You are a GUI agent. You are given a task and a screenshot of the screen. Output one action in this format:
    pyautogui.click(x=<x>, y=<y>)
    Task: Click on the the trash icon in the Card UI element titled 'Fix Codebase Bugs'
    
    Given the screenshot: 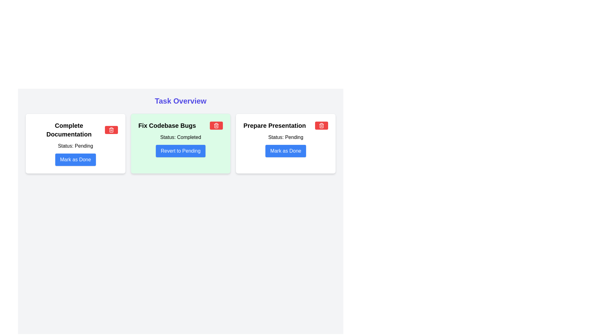 What is the action you would take?
    pyautogui.click(x=180, y=143)
    